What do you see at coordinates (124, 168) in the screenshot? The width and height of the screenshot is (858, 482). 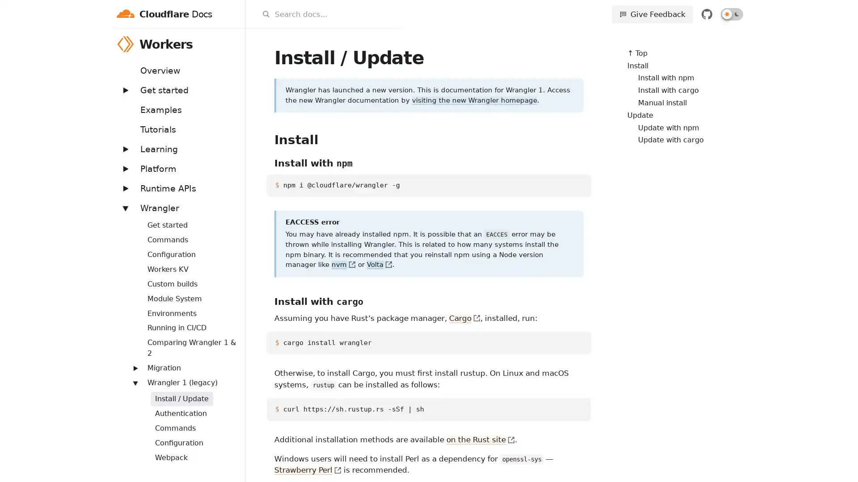 I see `Expand: Platform` at bounding box center [124, 168].